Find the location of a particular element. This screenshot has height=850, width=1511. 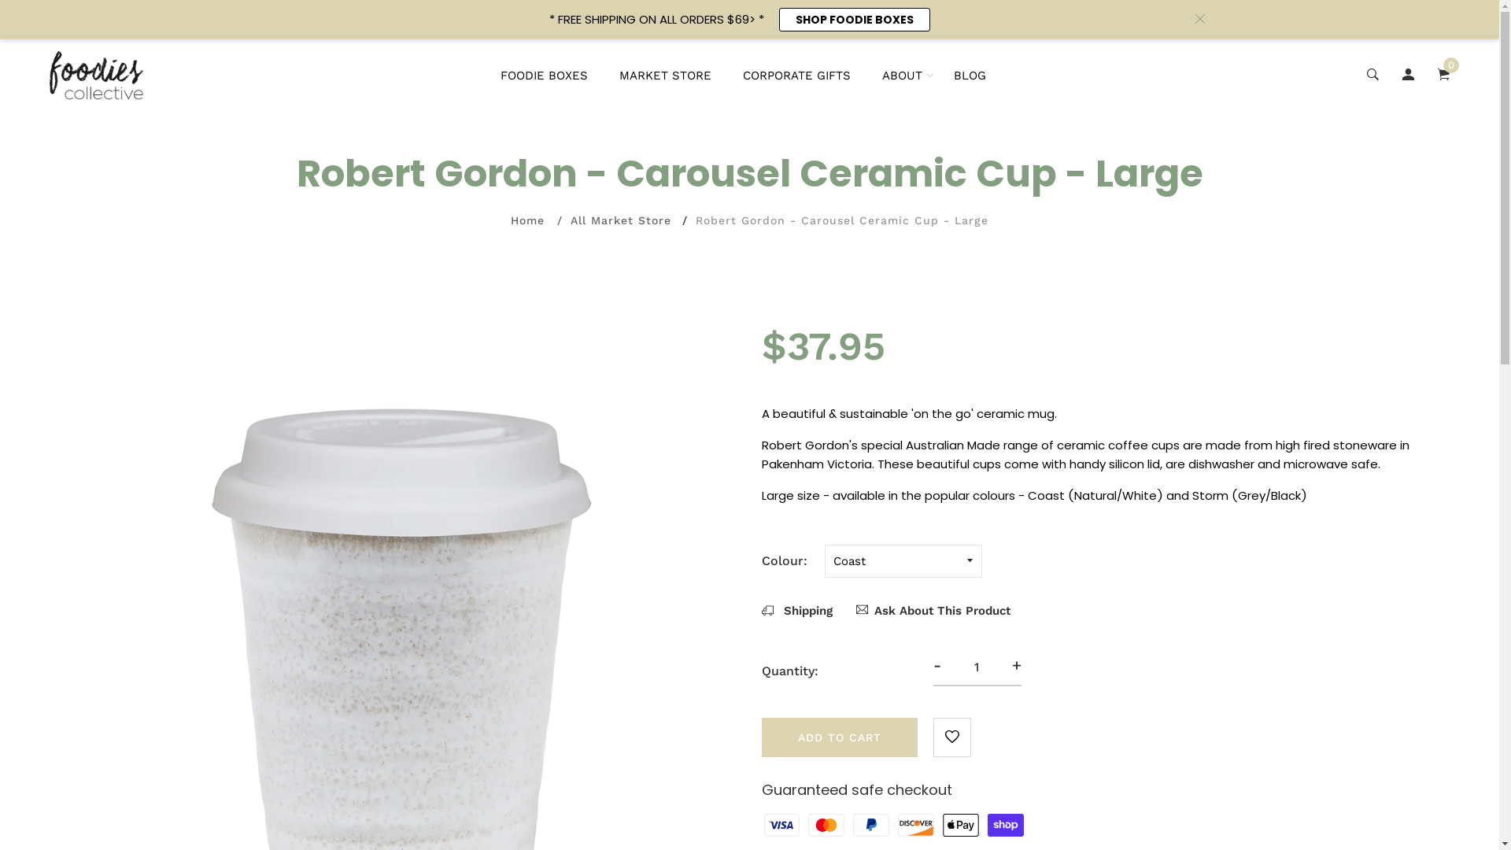

'ABOUT' is located at coordinates (902, 76).